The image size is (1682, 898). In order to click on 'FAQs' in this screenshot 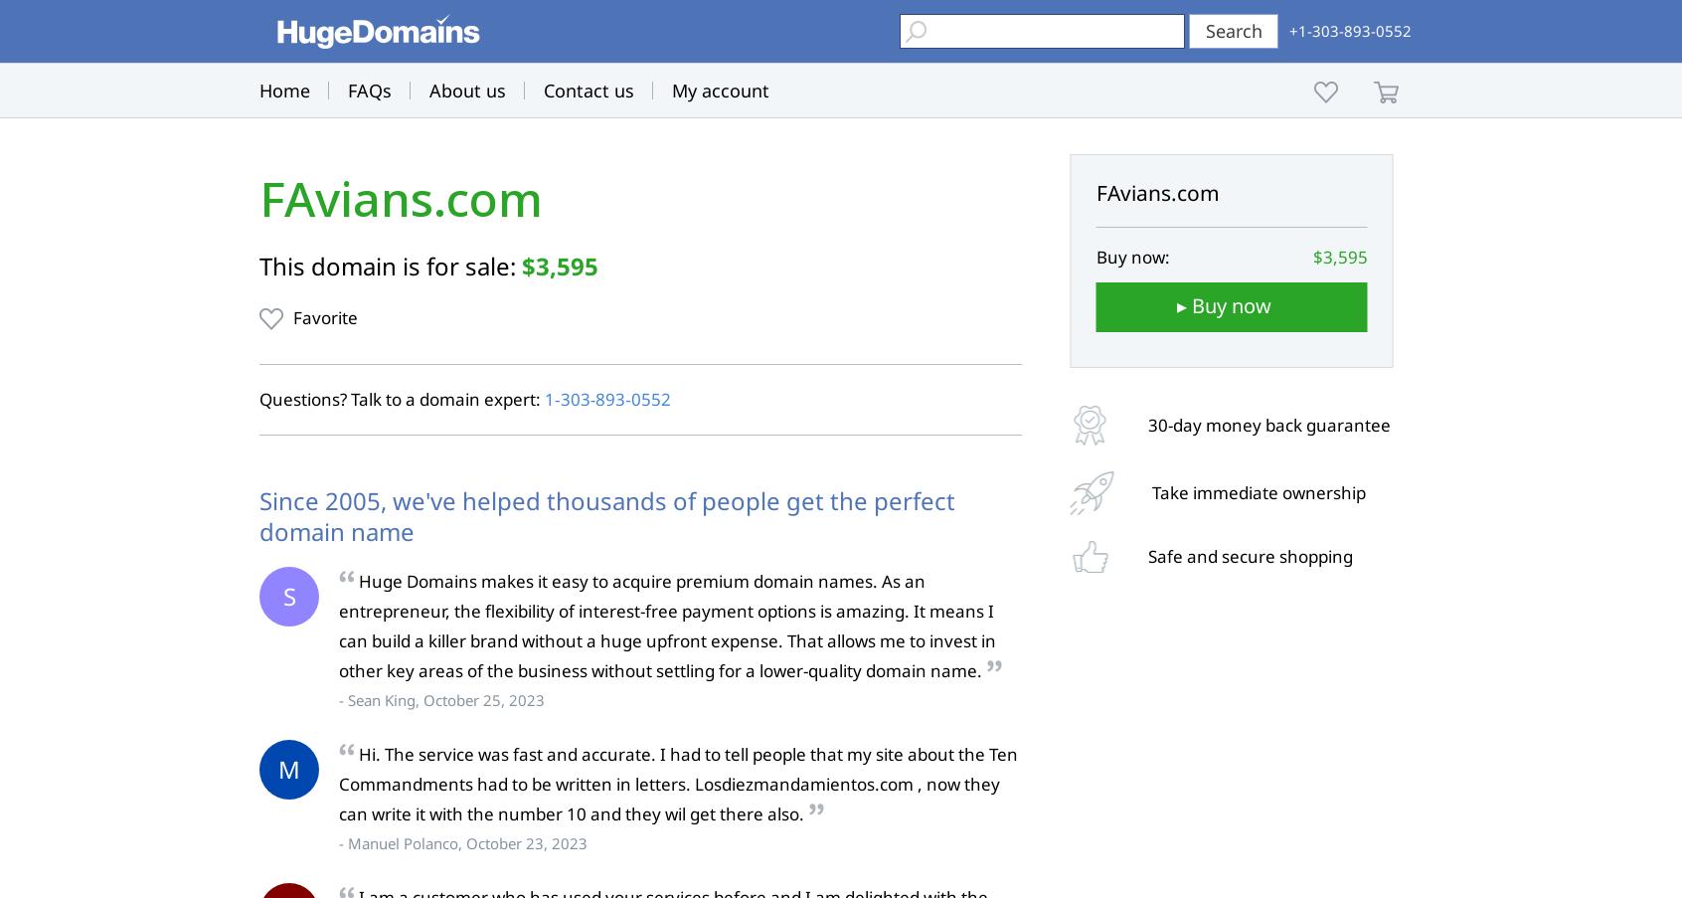, I will do `click(347, 90)`.